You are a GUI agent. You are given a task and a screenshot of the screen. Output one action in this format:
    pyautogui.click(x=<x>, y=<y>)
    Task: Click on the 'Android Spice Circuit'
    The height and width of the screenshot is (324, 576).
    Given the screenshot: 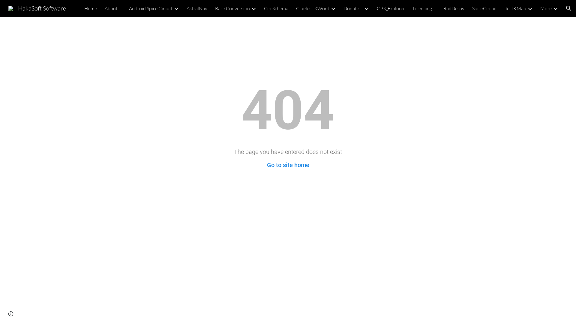 What is the action you would take?
    pyautogui.click(x=151, y=8)
    